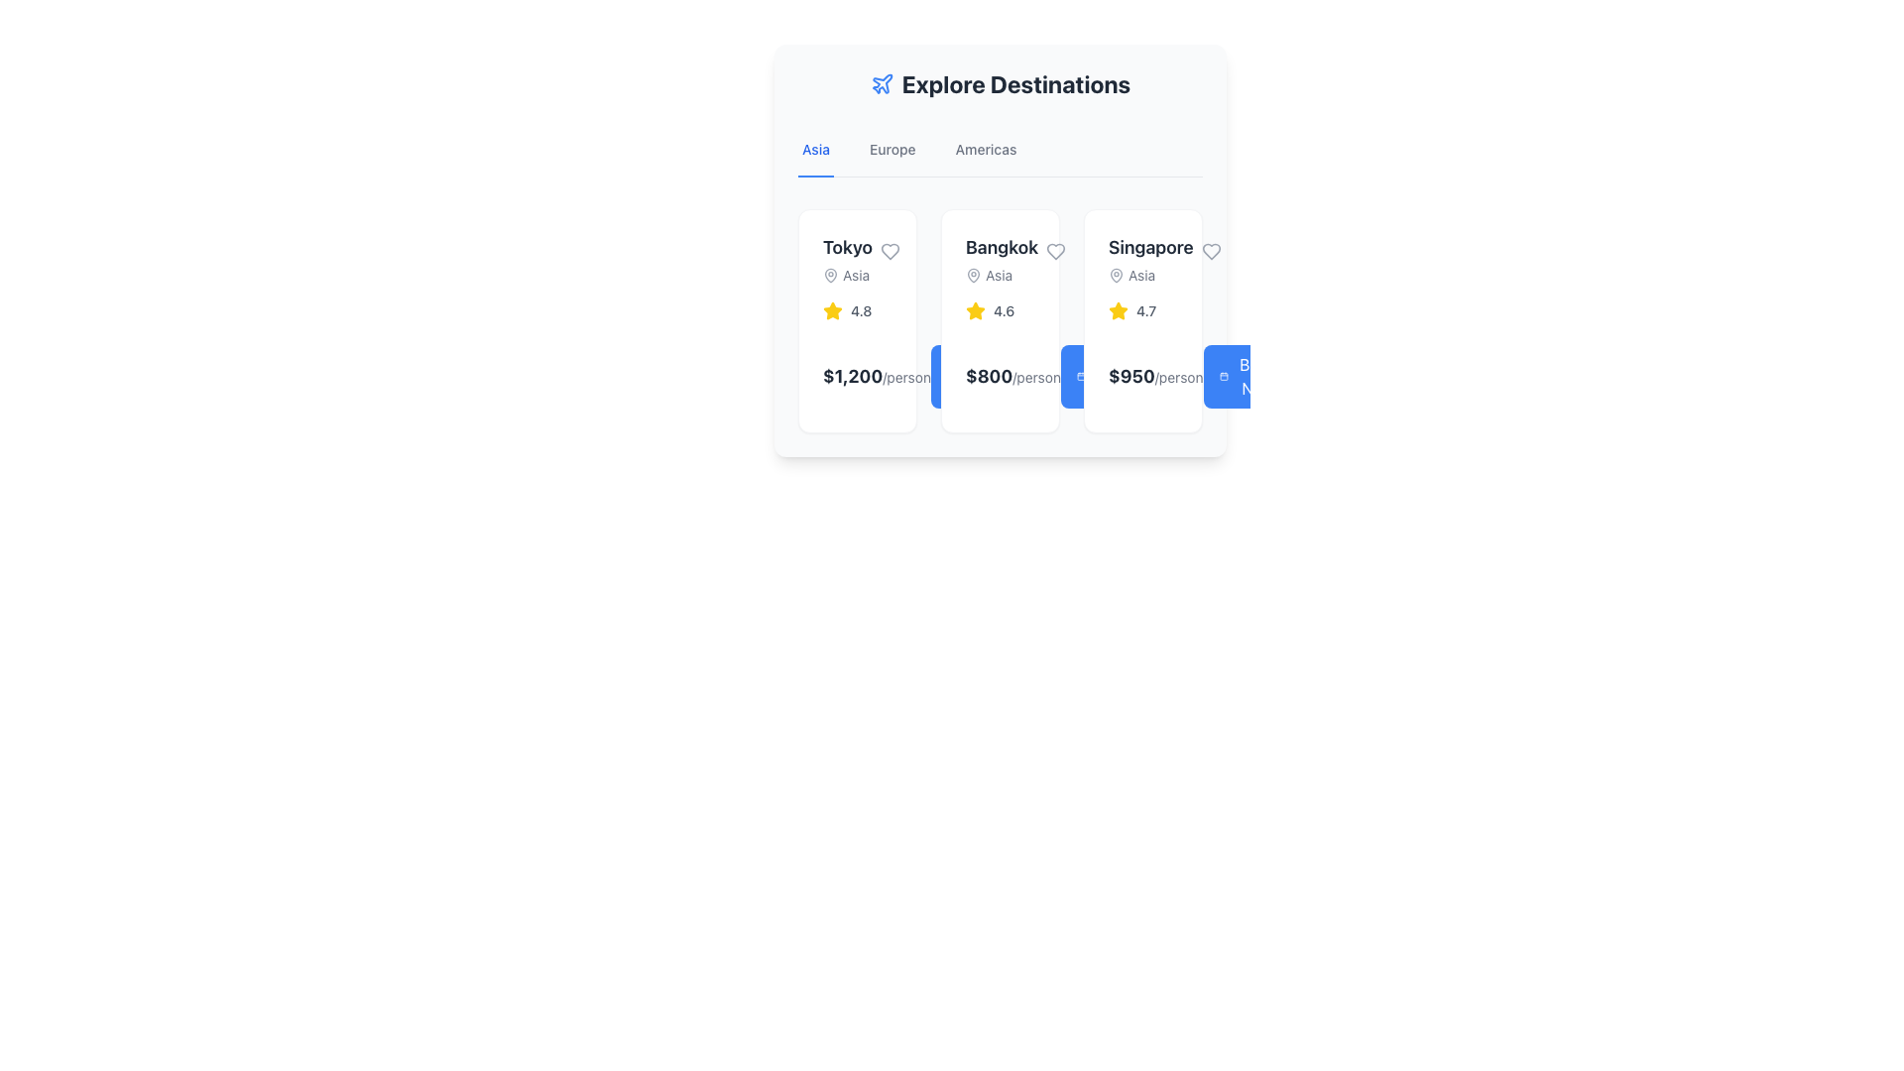  I want to click on the heart icon button in the top-right corner of the 'Bangkok' card to mark the destination as a favorite, so click(1055, 251).